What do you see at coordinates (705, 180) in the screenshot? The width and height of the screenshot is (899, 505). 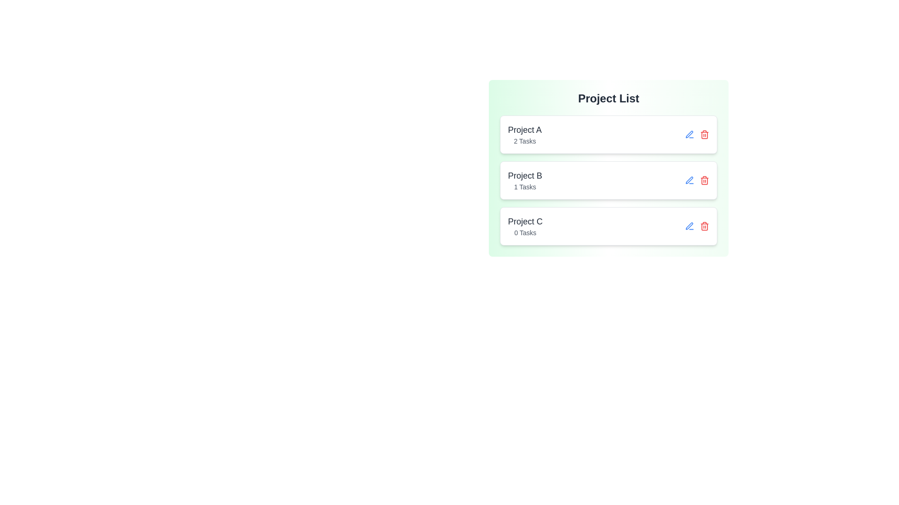 I see `the trash icon to delete the project corresponding to Project B` at bounding box center [705, 180].